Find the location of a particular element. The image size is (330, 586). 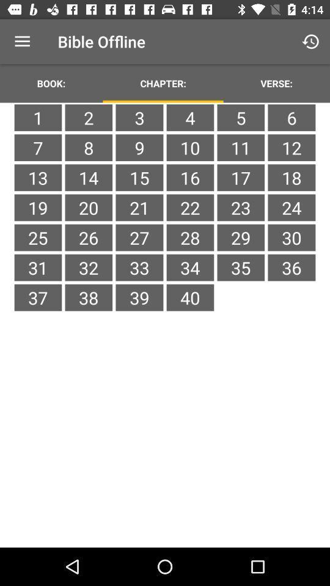

item next to the 22 item is located at coordinates (241, 237).